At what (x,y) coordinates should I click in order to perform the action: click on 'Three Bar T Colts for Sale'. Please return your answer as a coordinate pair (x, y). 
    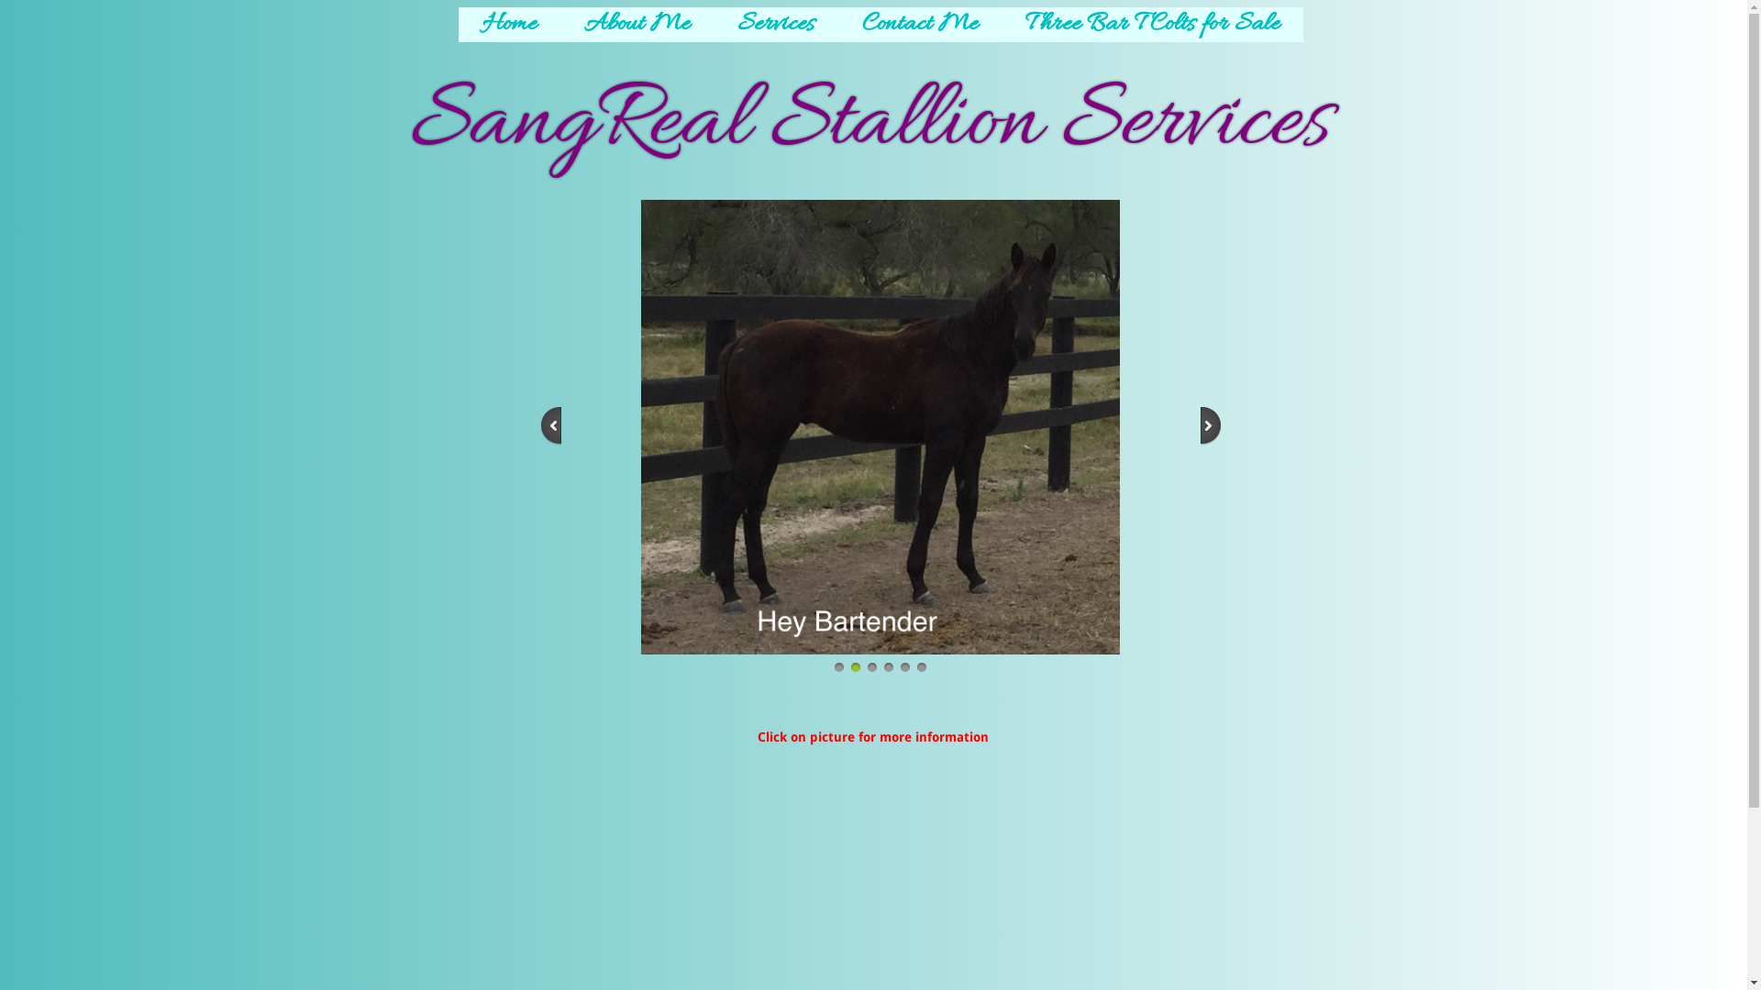
    Looking at the image, I should click on (1151, 25).